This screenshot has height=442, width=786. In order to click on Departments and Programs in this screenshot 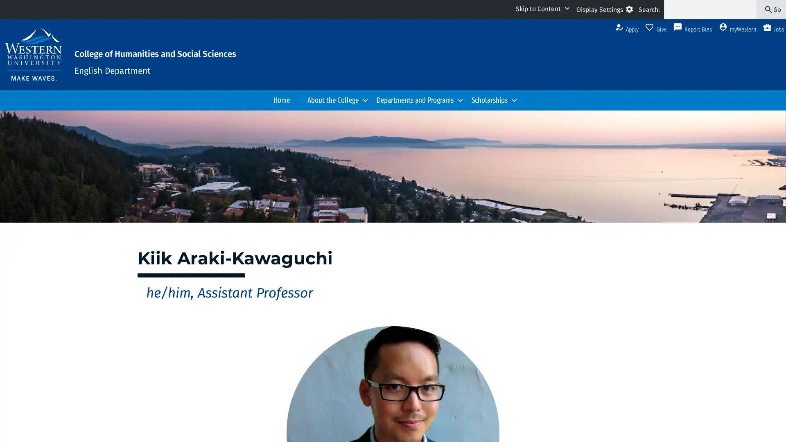, I will do `click(417, 100)`.